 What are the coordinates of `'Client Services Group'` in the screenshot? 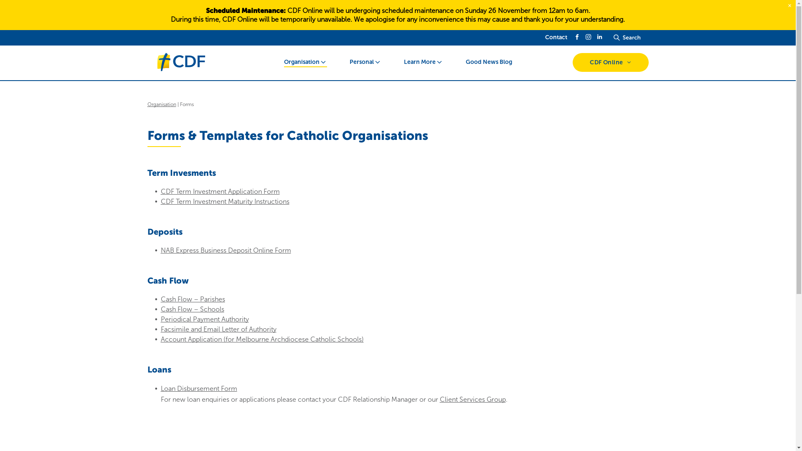 It's located at (472, 399).